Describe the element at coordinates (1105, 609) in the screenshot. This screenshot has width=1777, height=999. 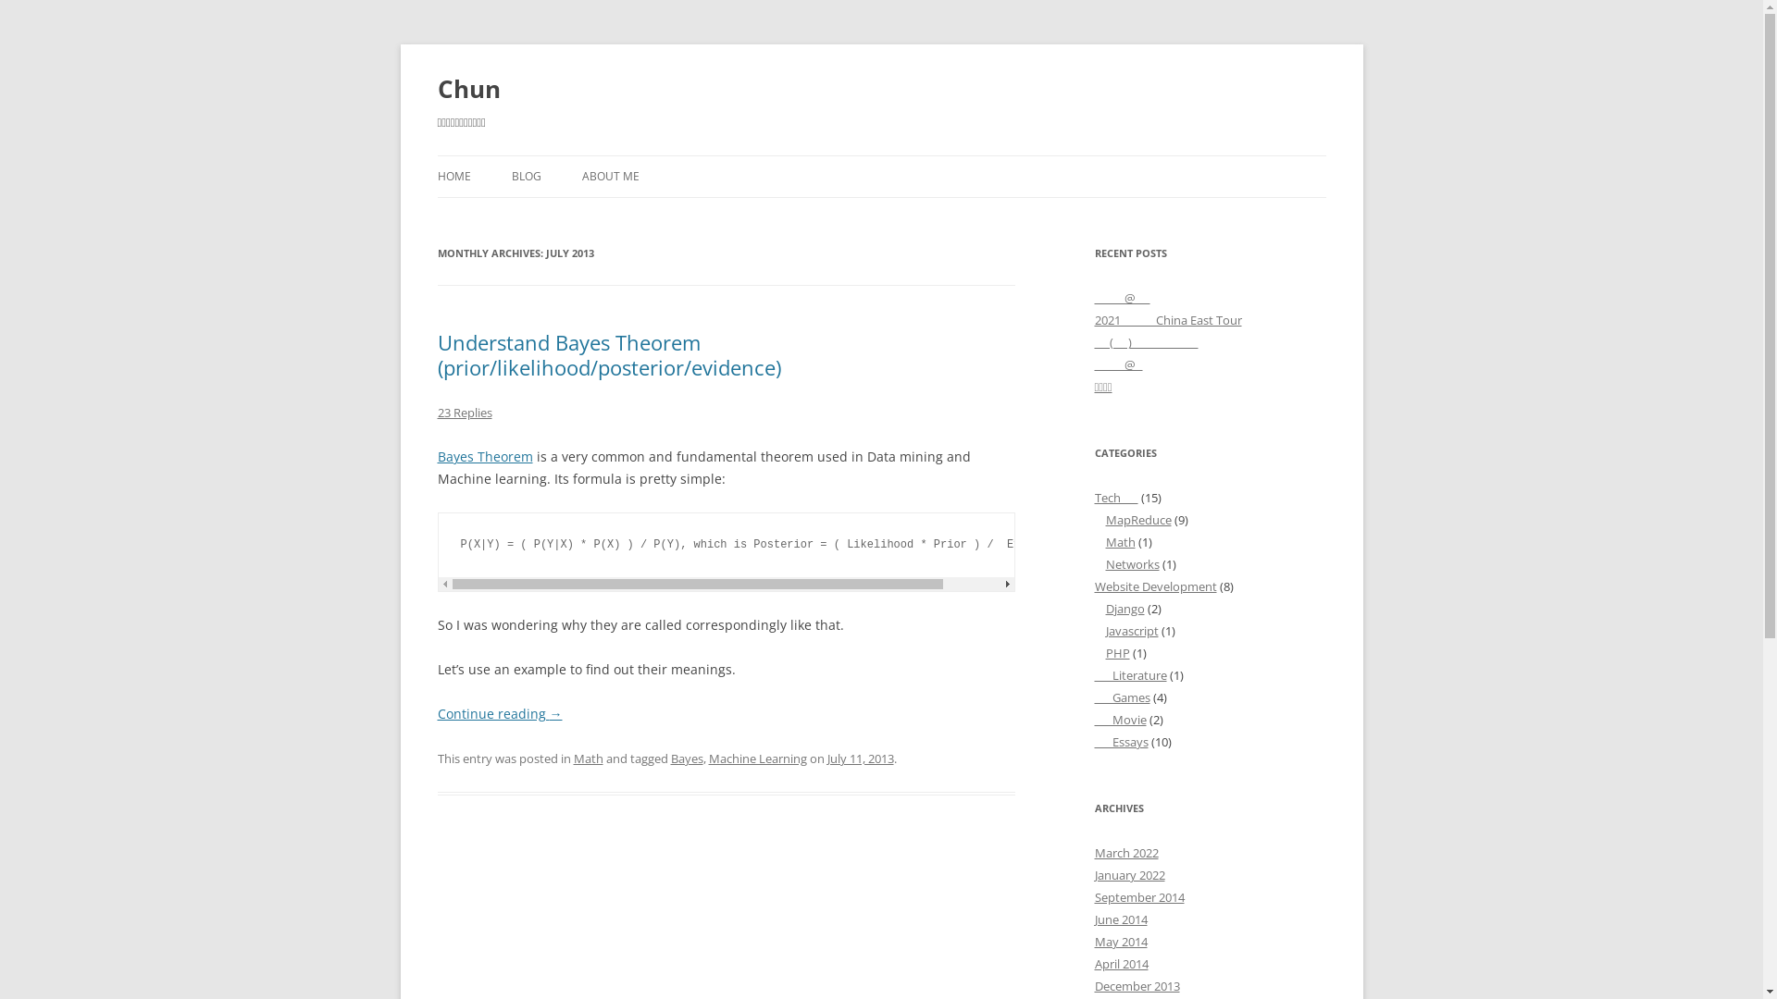
I see `'Django'` at that location.